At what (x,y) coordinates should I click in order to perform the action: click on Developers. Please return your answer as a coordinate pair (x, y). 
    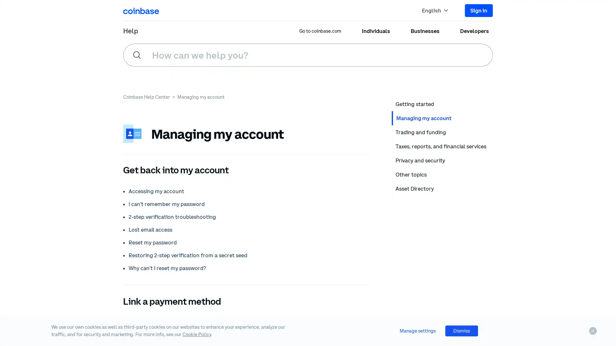
    Looking at the image, I should click on (474, 31).